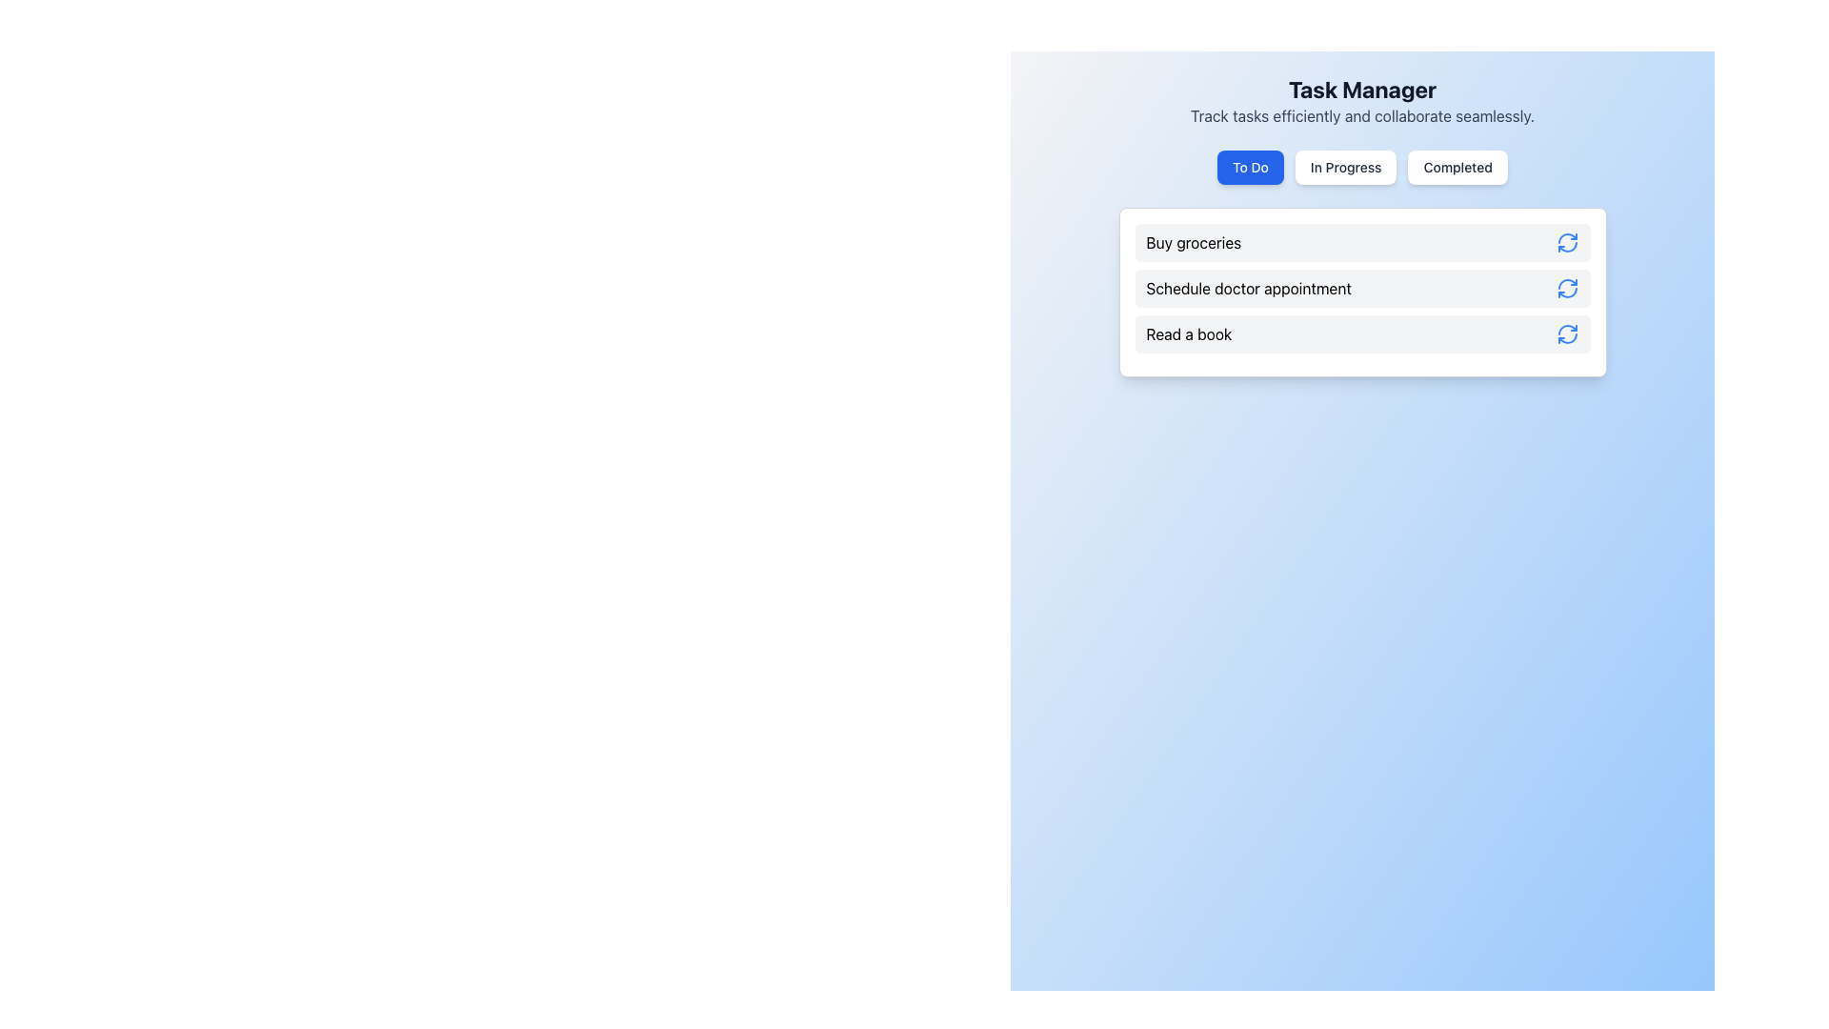 This screenshot has height=1029, width=1829. What do you see at coordinates (1361, 100) in the screenshot?
I see `the Header with the bold text 'Task Manager' and the subtitle 'Track tasks efficiently and collaborate seamlessly.' that is centrally aligned within a gradient background` at bounding box center [1361, 100].